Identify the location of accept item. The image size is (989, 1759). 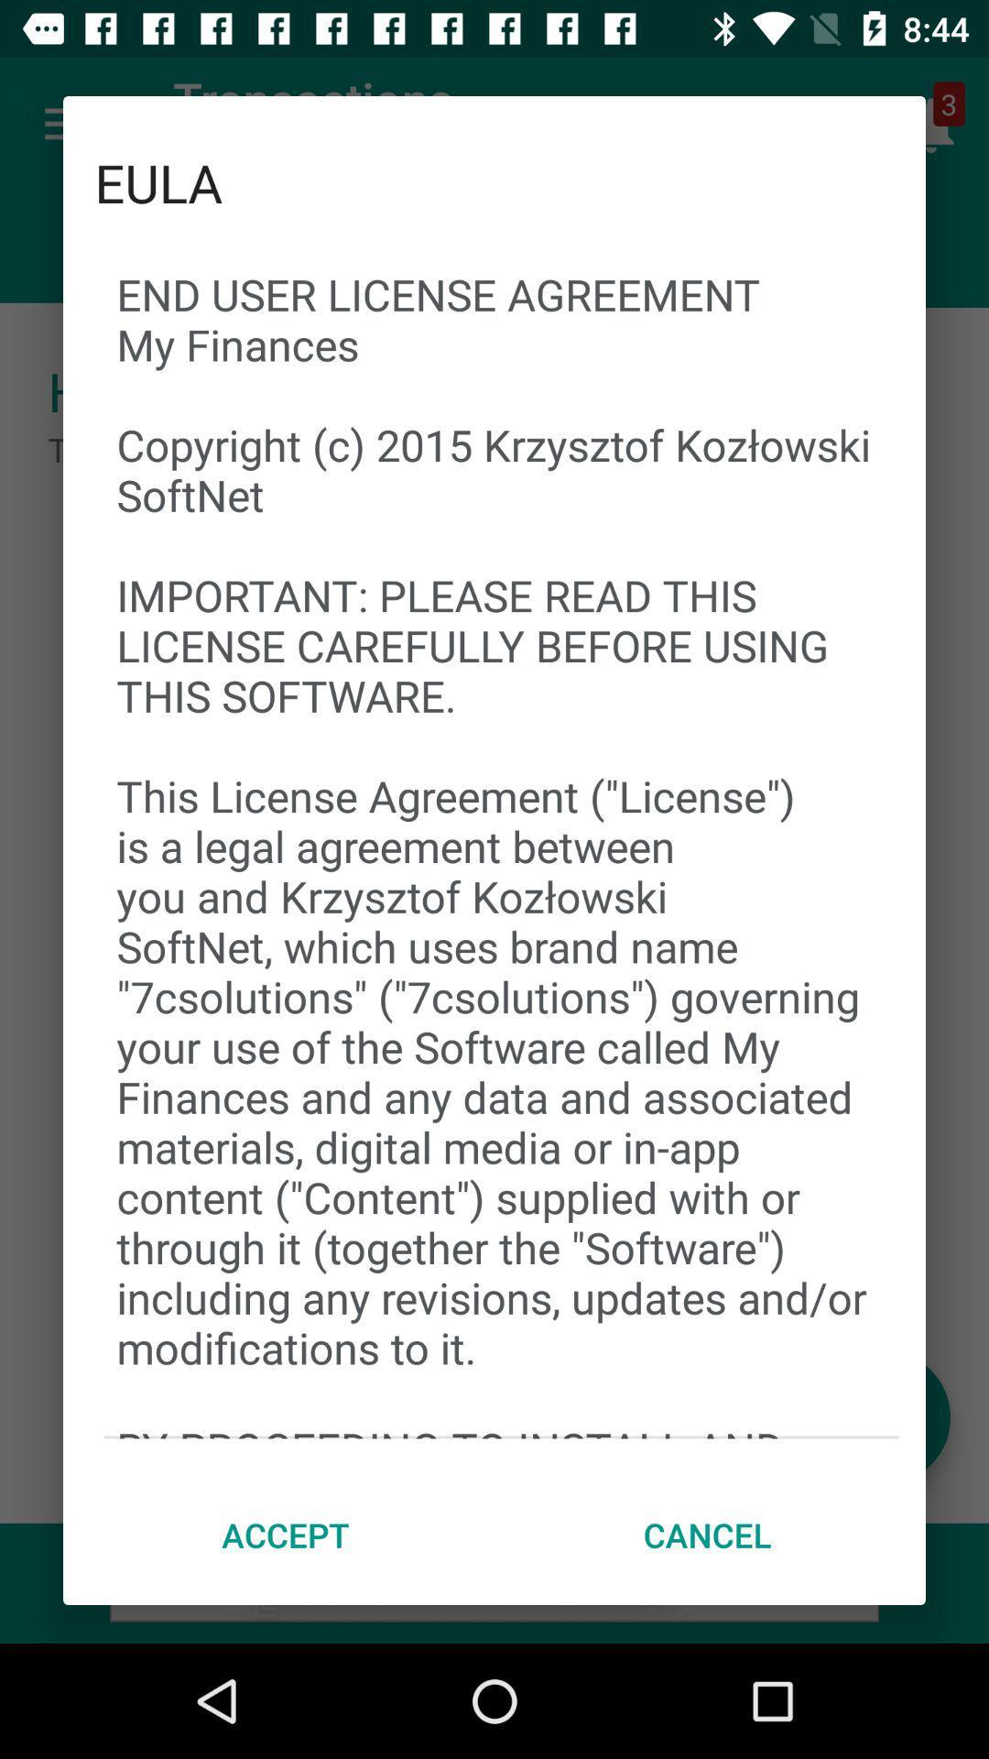
(286, 1535).